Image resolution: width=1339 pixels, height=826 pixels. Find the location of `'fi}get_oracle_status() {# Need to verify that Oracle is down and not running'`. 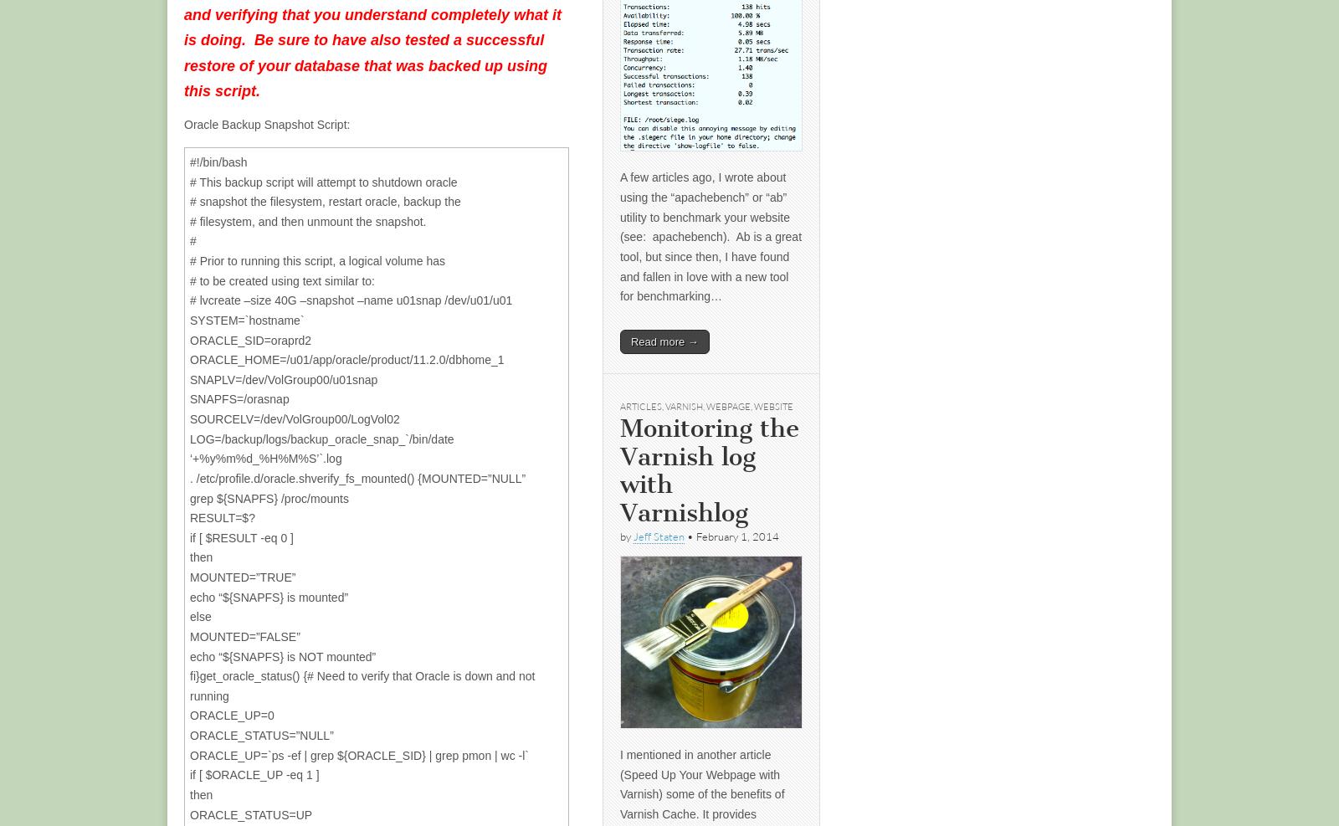

'fi}get_oracle_status() {# Need to verify that Oracle is down and not running' is located at coordinates (361, 685).